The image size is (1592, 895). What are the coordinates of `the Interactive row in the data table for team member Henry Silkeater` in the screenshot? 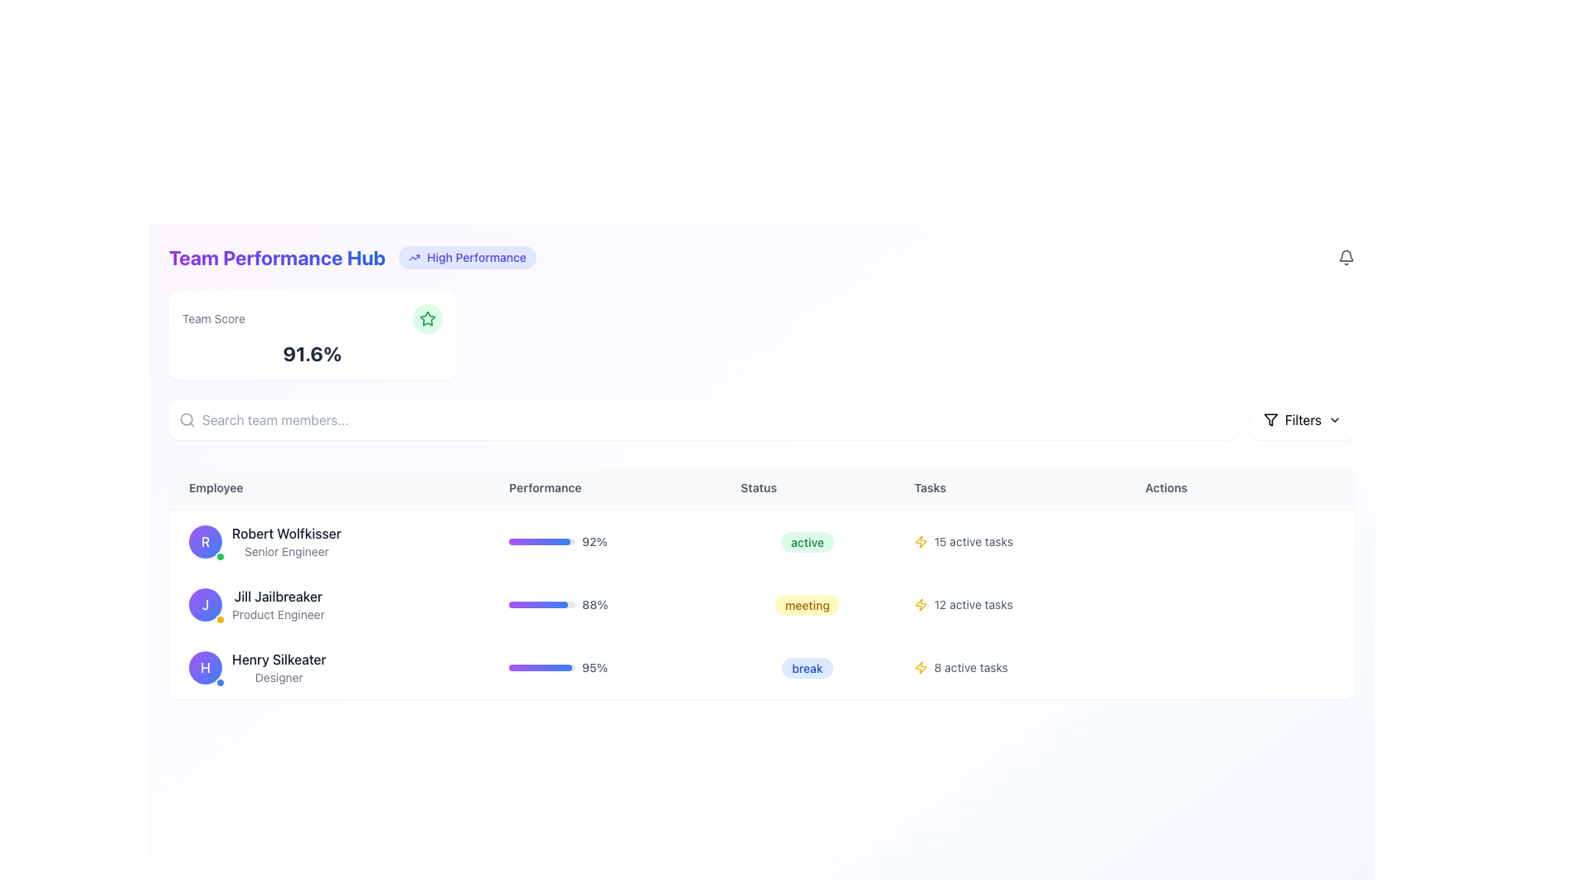 It's located at (760, 667).